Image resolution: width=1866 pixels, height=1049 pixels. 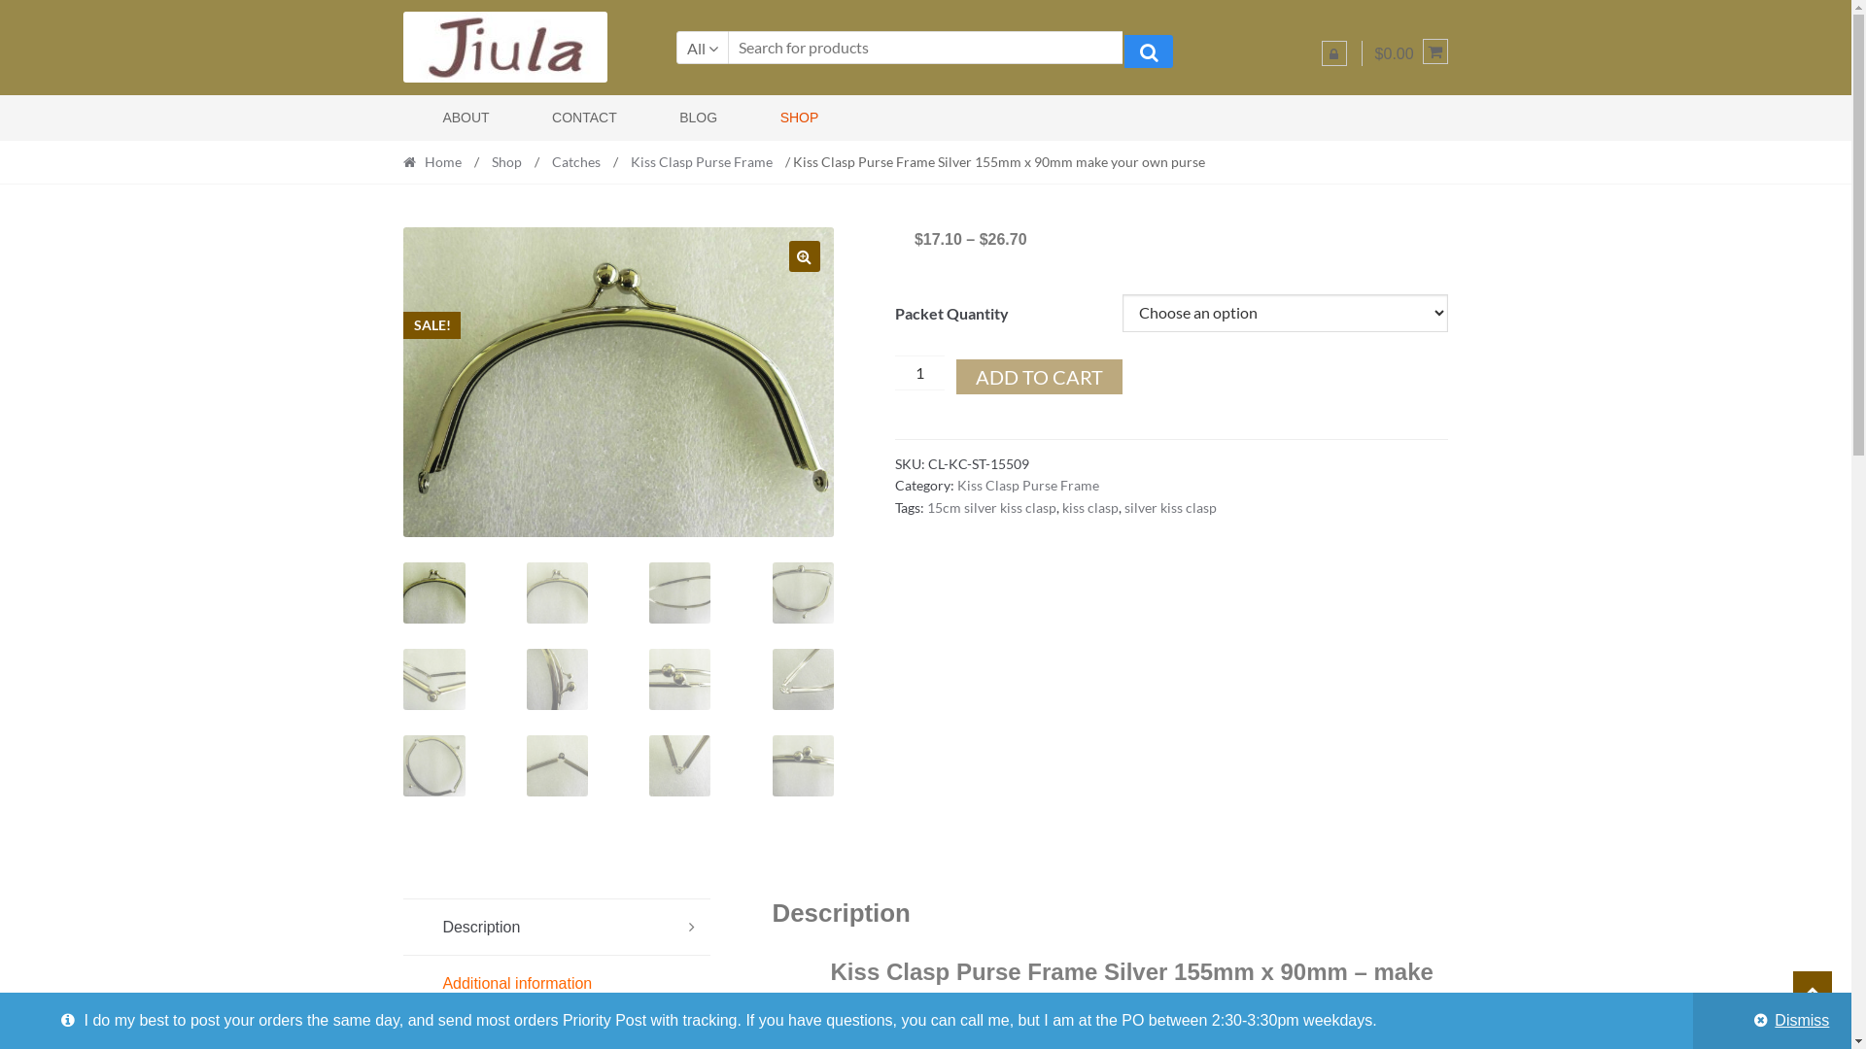 I want to click on 'ABOUT', so click(x=451, y=118).